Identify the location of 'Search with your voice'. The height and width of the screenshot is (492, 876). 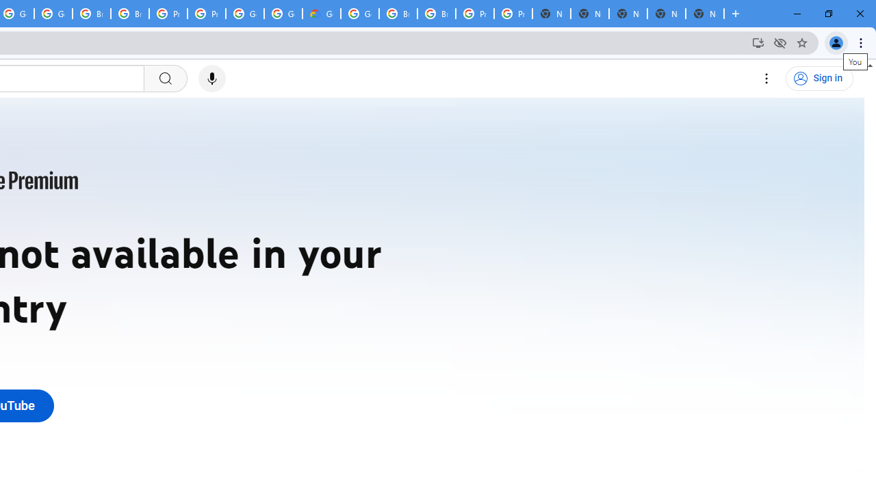
(211, 79).